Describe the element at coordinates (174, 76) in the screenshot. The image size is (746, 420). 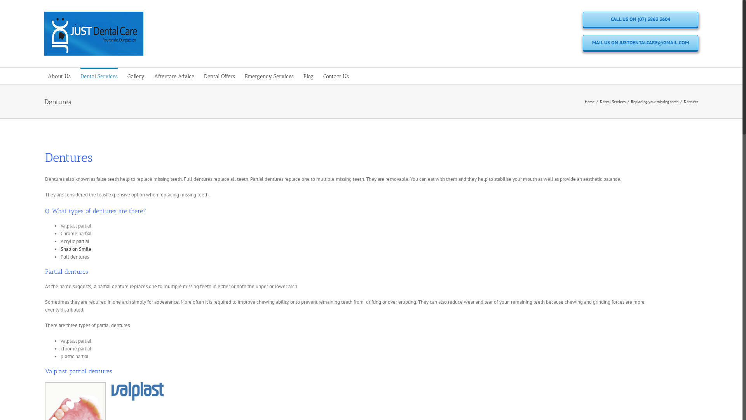
I see `'Aftercare Advice'` at that location.